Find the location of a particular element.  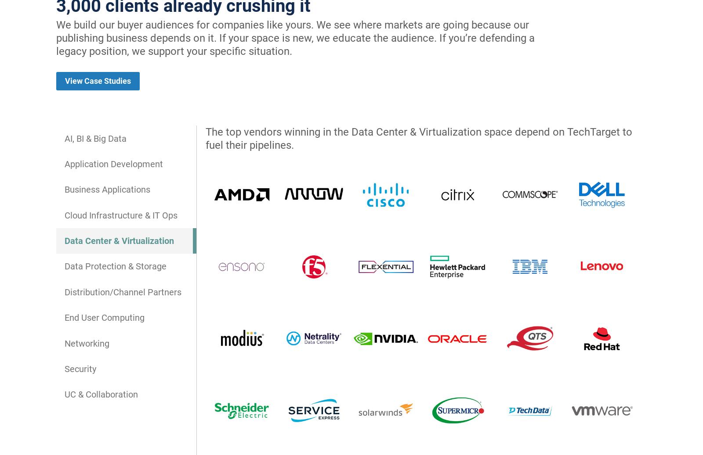

'Networking' is located at coordinates (86, 343).